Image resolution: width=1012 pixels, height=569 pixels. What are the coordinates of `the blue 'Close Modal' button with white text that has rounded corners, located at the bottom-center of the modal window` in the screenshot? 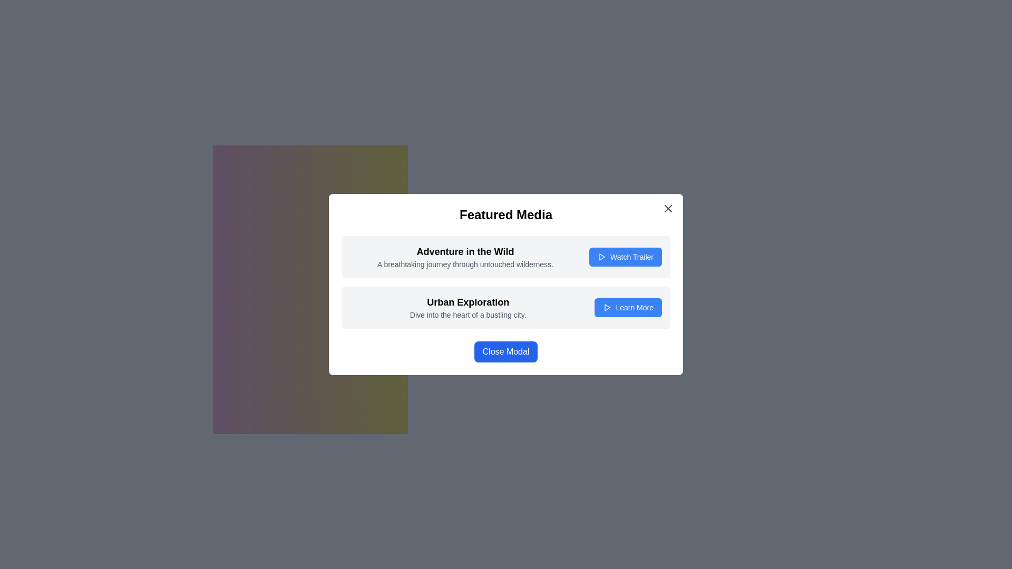 It's located at (506, 351).